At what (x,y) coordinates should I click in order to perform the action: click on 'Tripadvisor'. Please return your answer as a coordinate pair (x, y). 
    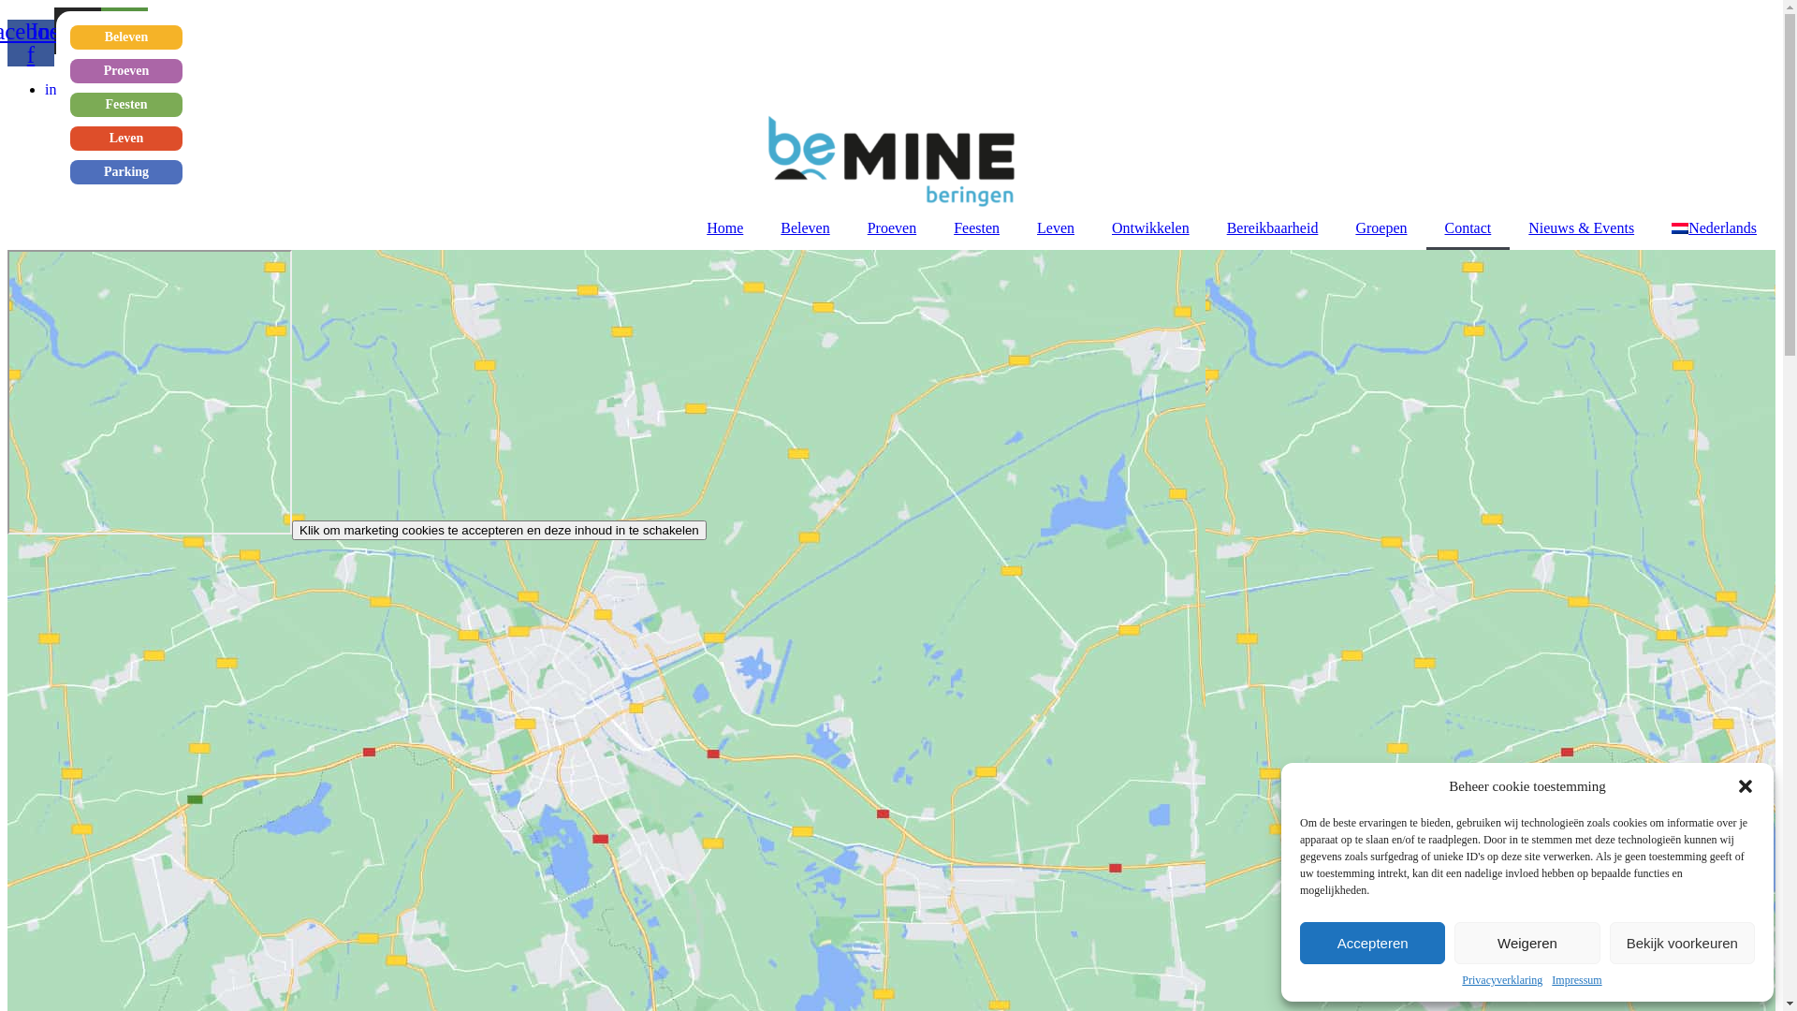
    Looking at the image, I should click on (124, 31).